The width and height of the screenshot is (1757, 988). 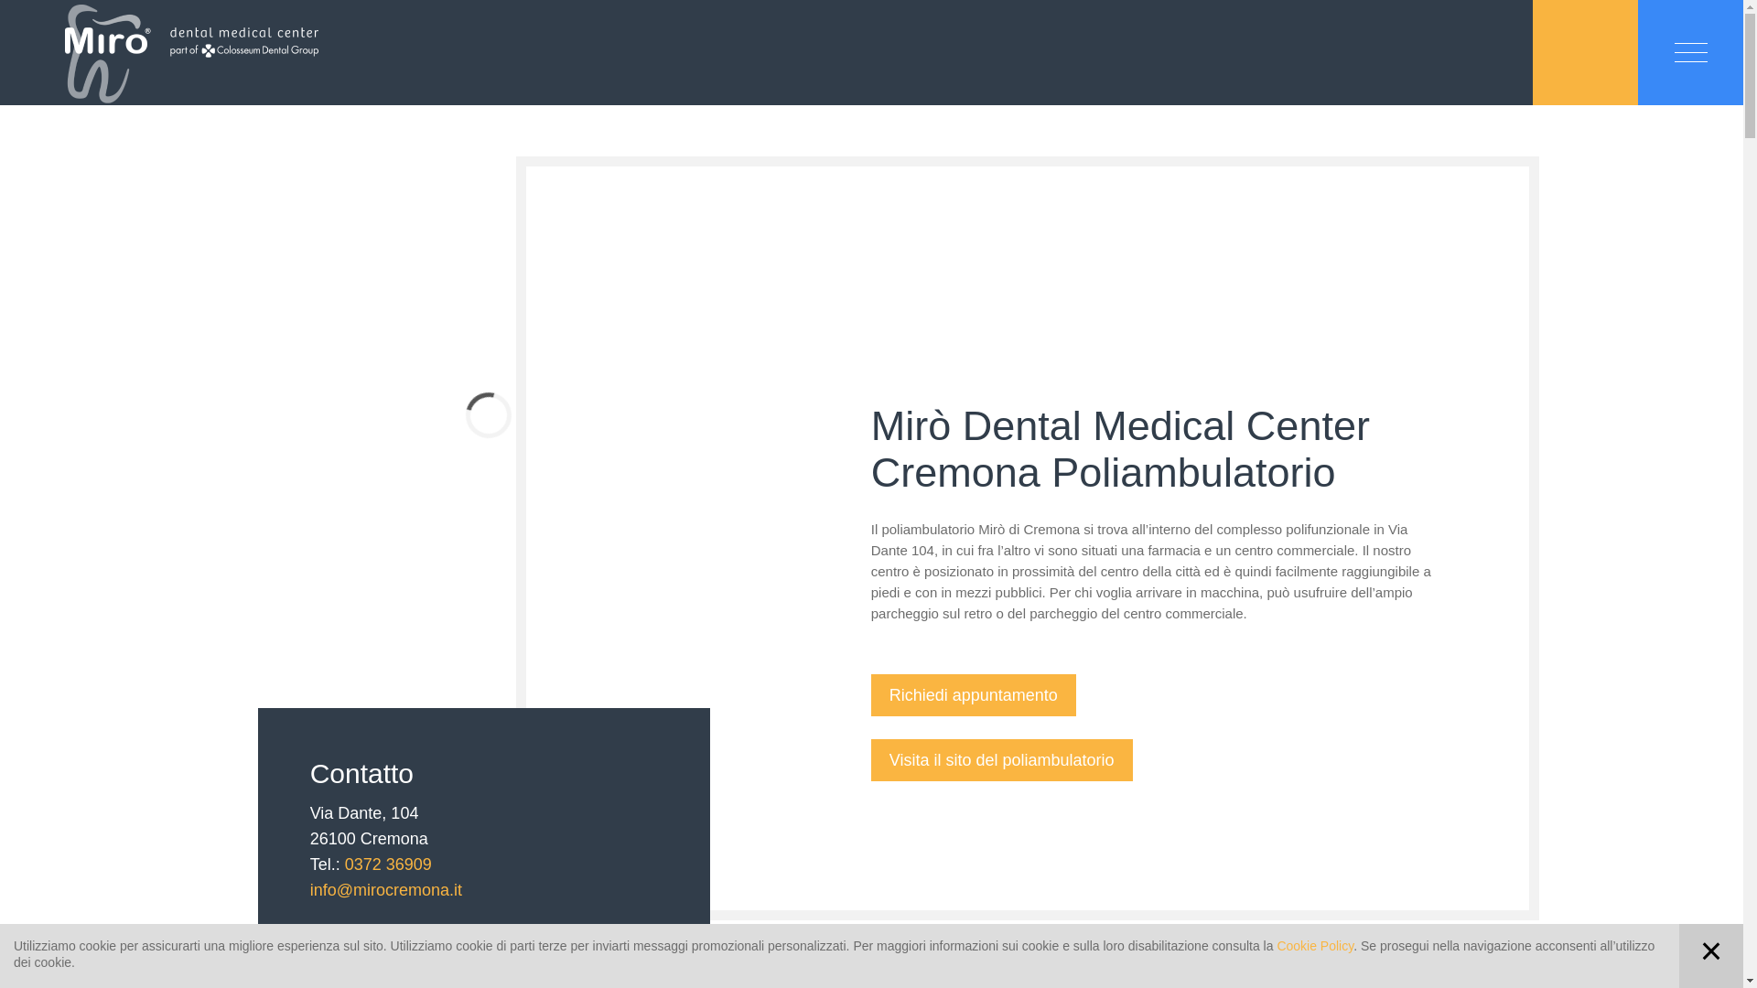 What do you see at coordinates (1000, 759) in the screenshot?
I see `'Visita il sito del poliambulatorio'` at bounding box center [1000, 759].